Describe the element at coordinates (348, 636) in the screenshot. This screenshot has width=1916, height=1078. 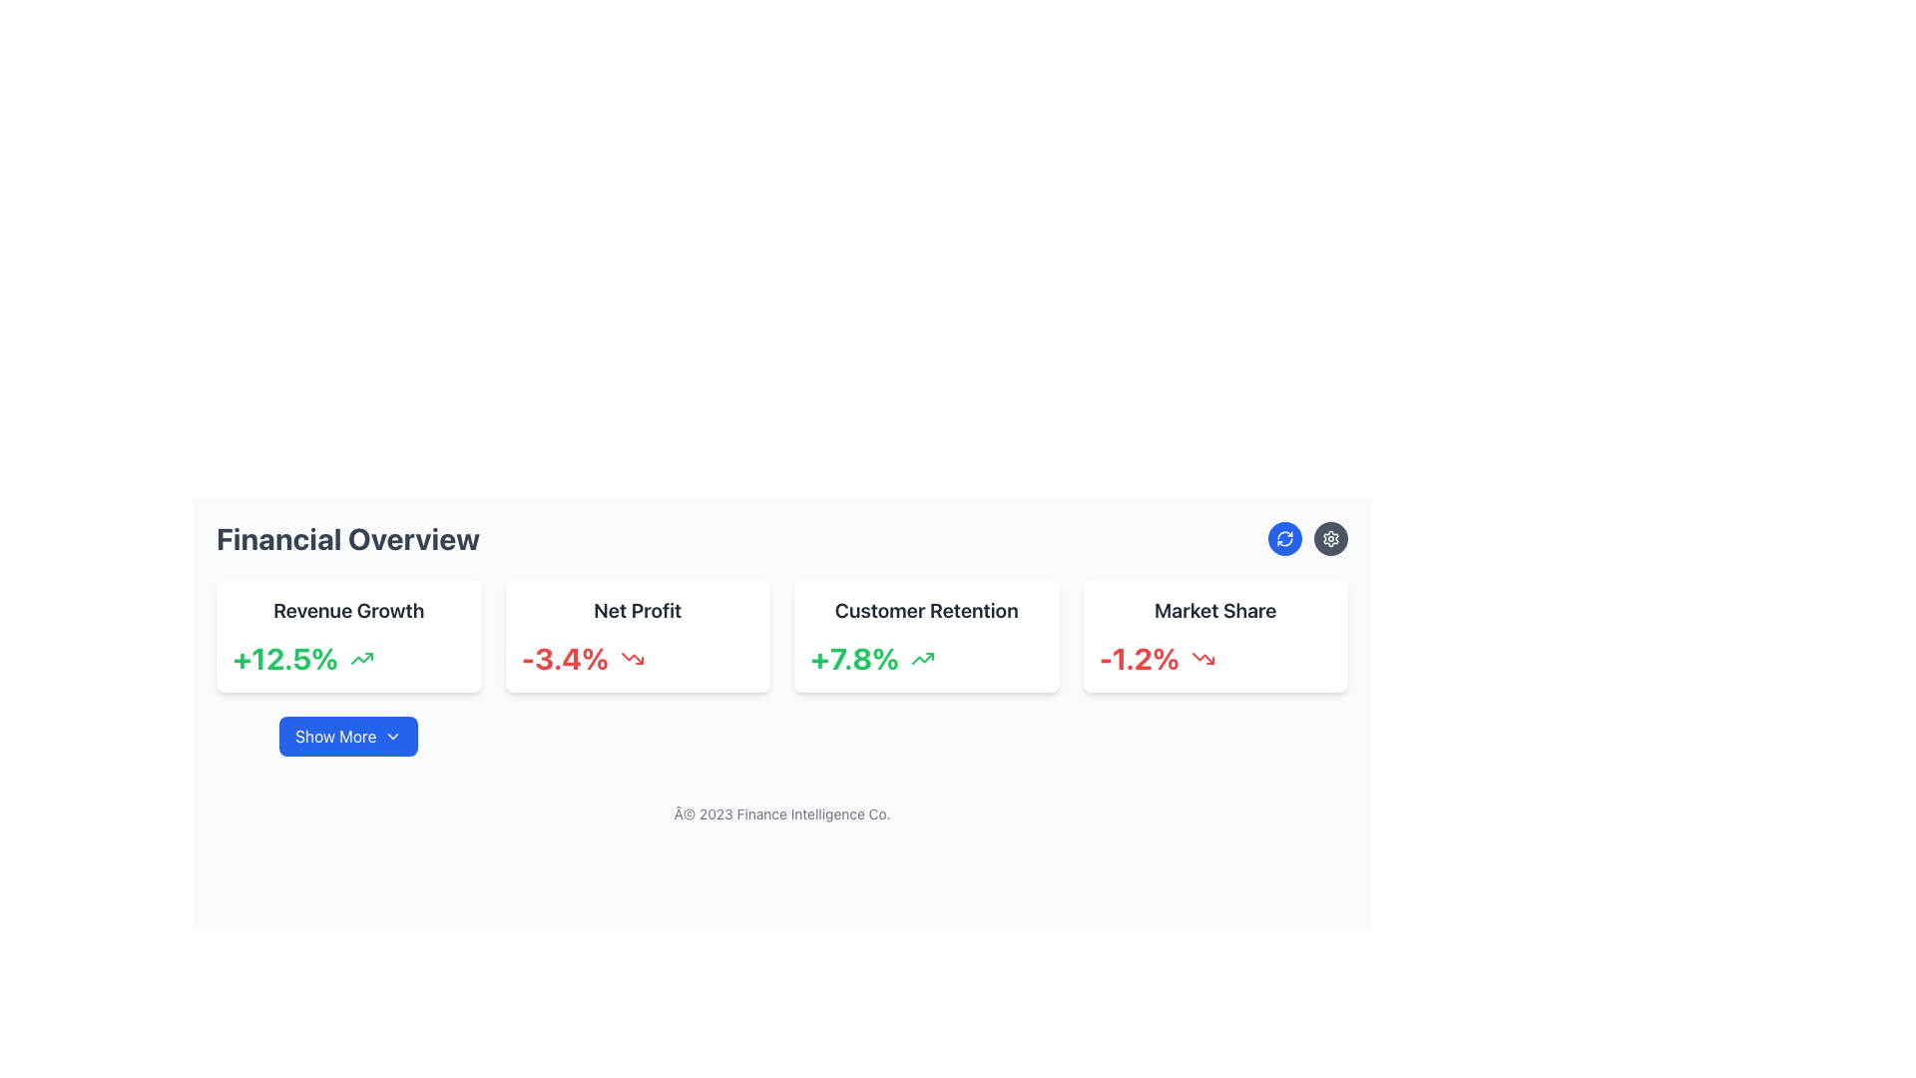
I see `the revenue growth card located in the top-left section of the four-card layout, which displays summary metrics and trends` at that location.